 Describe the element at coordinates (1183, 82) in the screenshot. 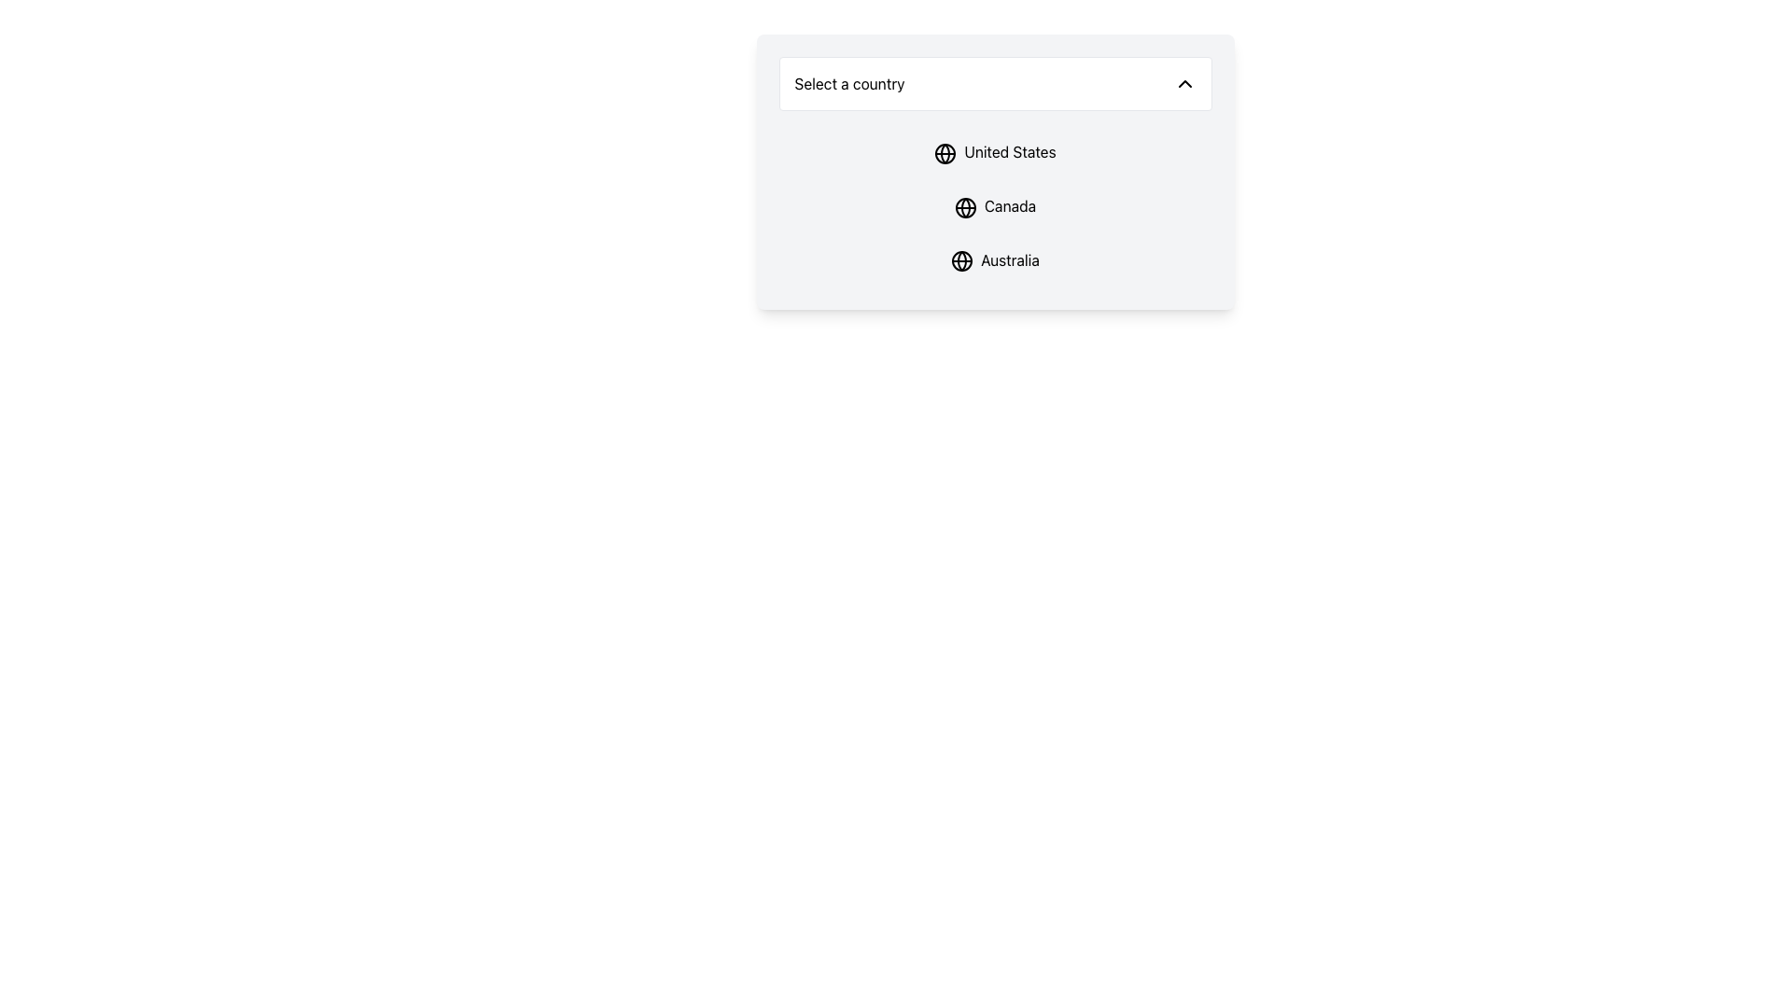

I see `the chevron-shaped upward arrow icon located at the far-right end of the 'Select a country' text field` at that location.